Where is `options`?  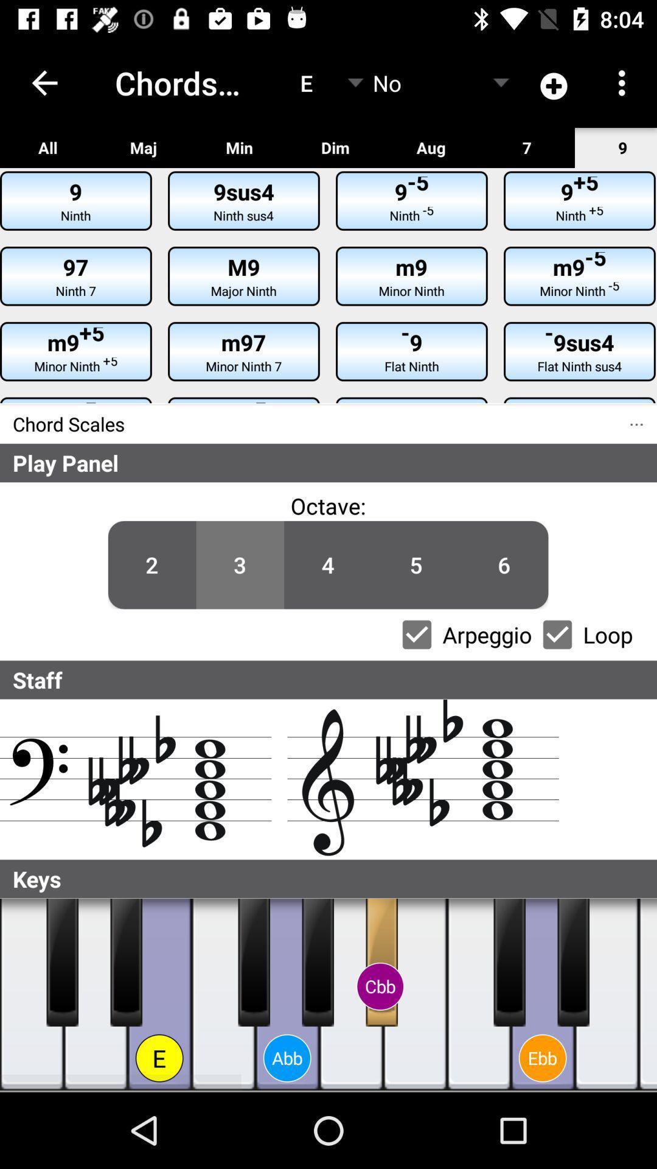 options is located at coordinates (416, 634).